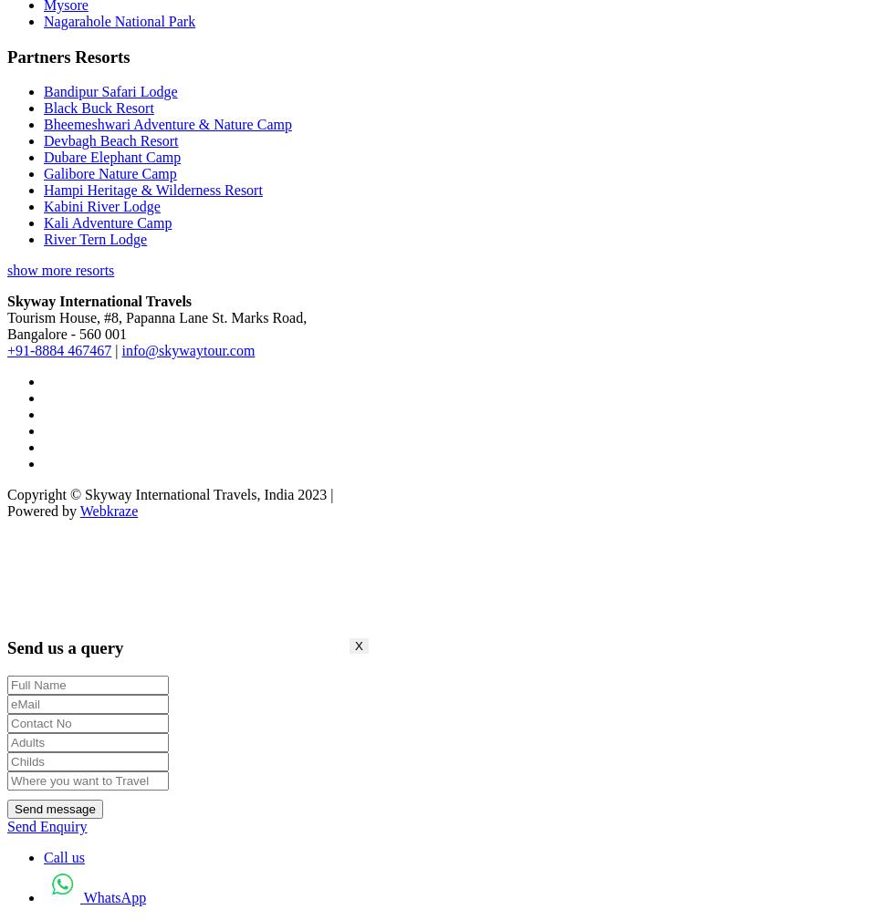 This screenshot has height=920, width=877. I want to click on 'Skyway International Travels', so click(98, 300).